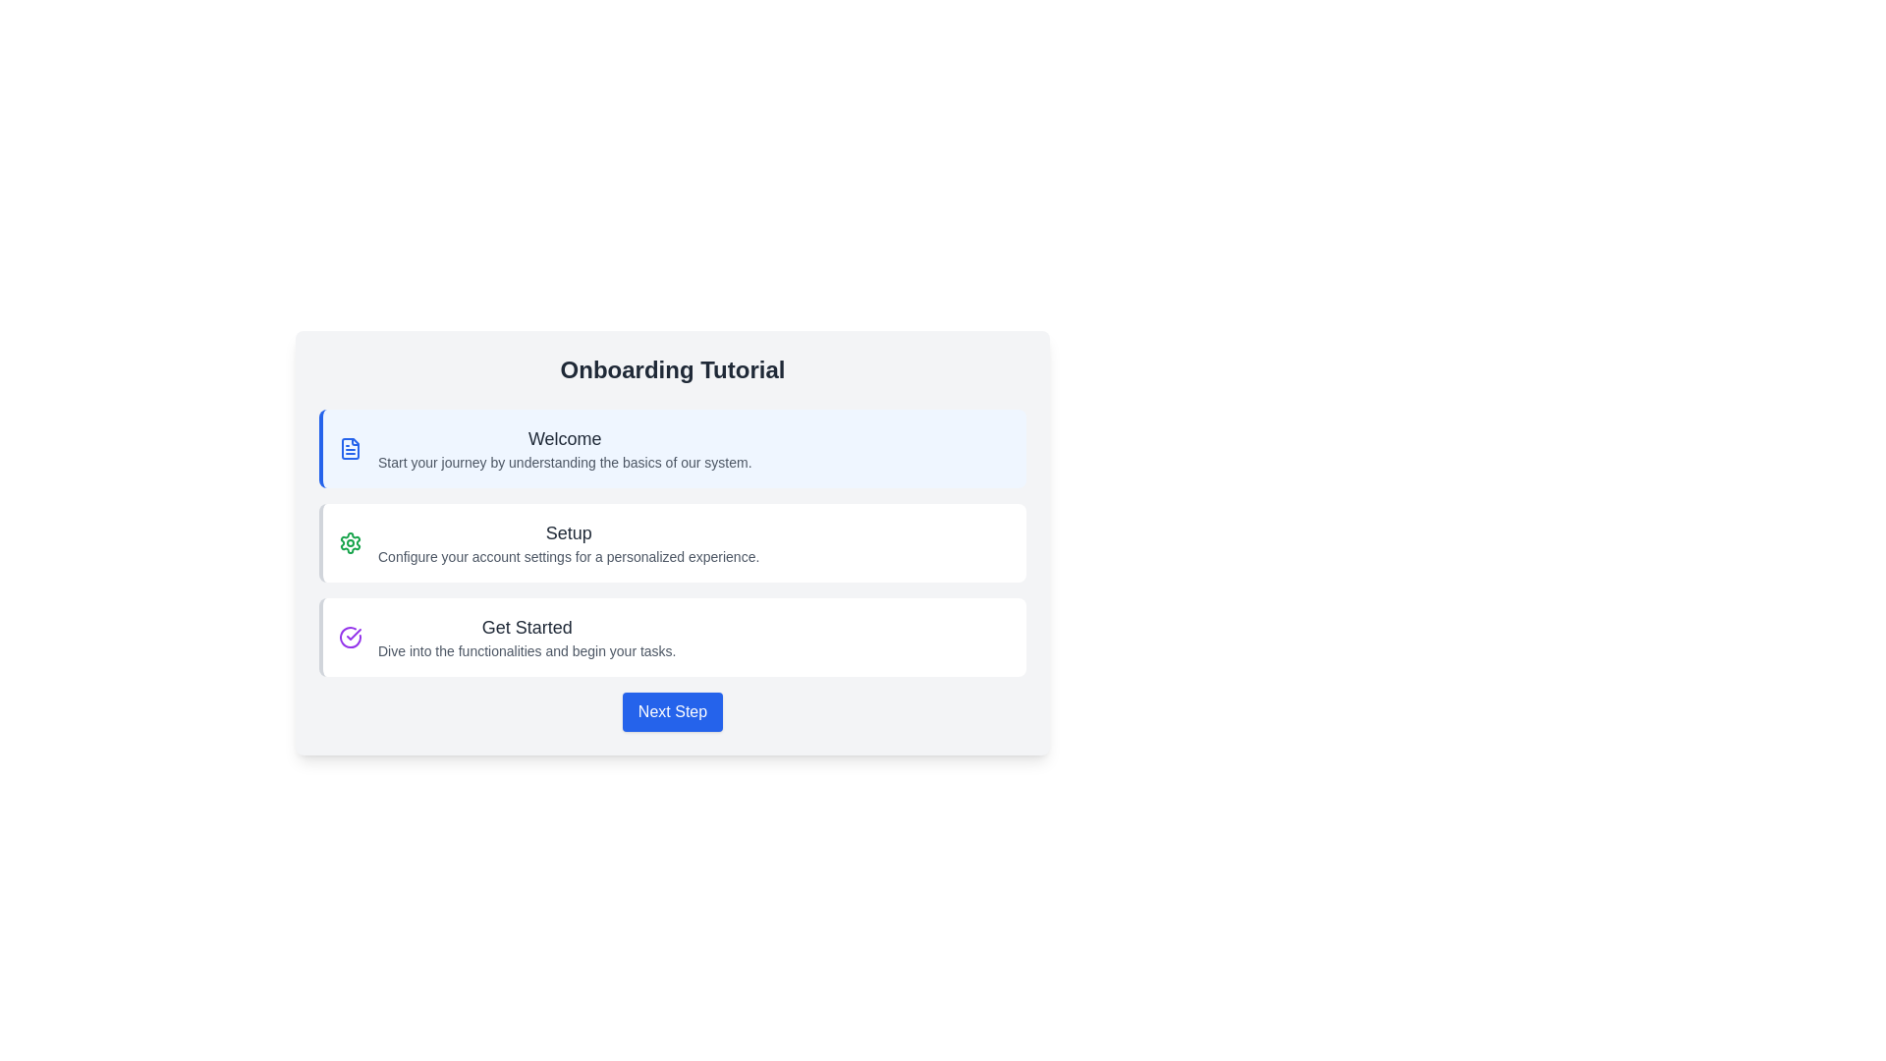 Image resolution: width=1886 pixels, height=1061 pixels. I want to click on the 'Setup' section, so click(673, 542).